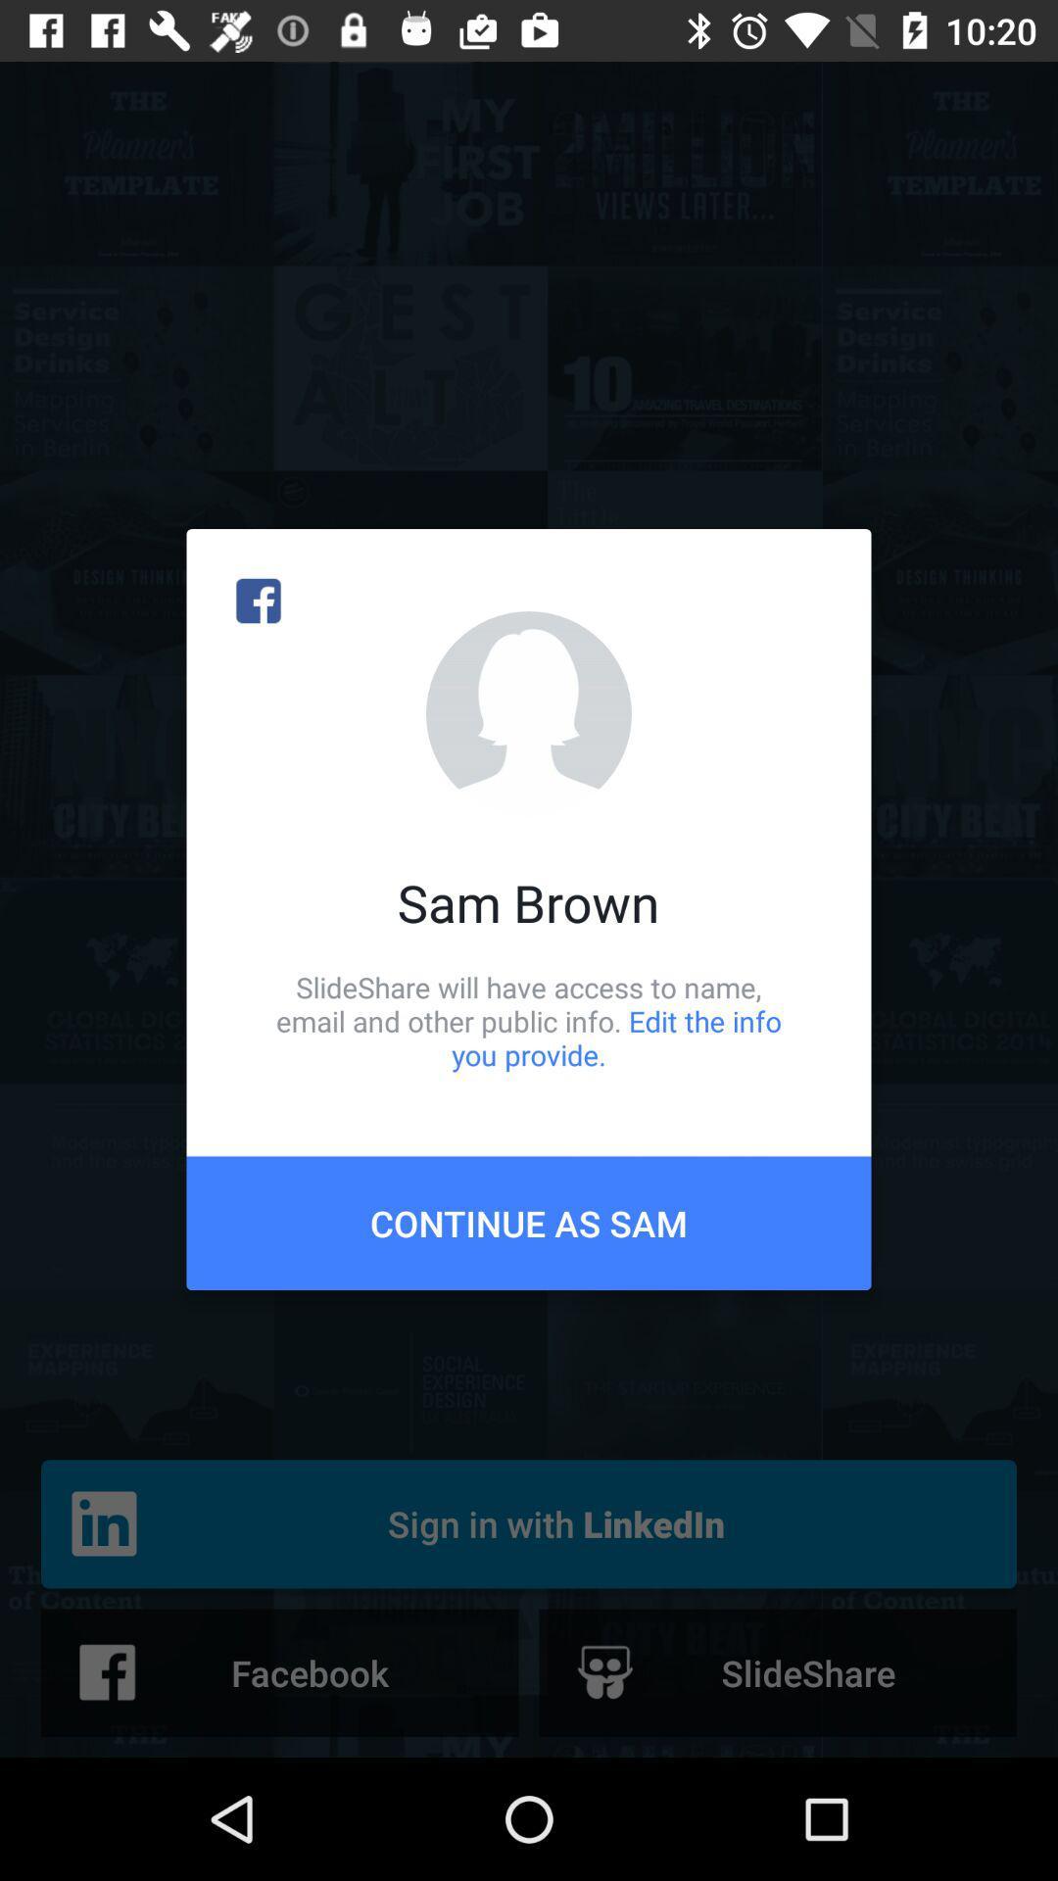 This screenshot has height=1881, width=1058. Describe the element at coordinates (529, 1020) in the screenshot. I see `the item above continue as sam icon` at that location.